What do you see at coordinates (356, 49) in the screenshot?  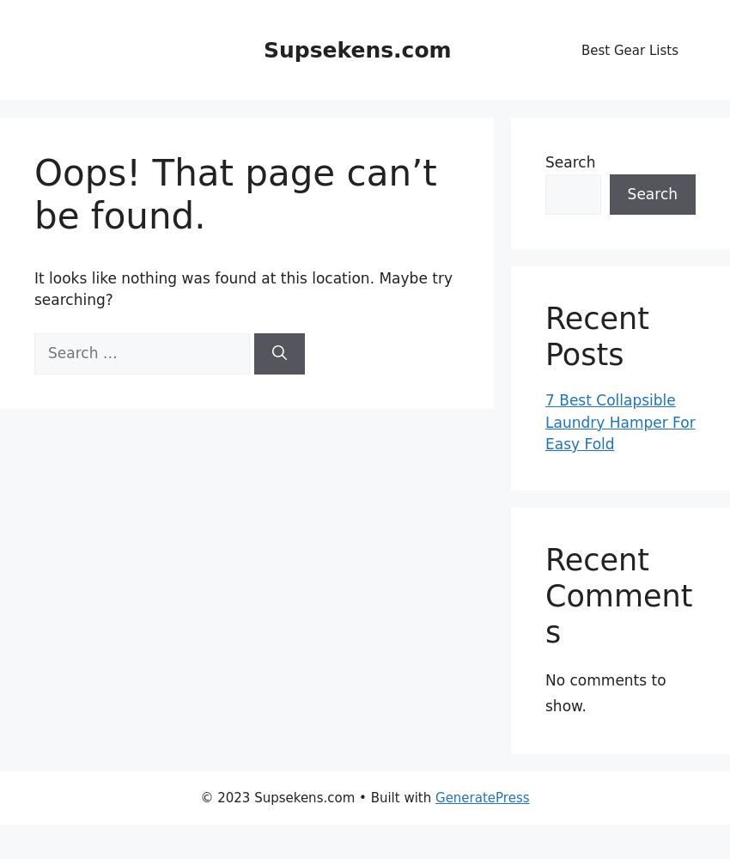 I see `'Supsekens.com'` at bounding box center [356, 49].